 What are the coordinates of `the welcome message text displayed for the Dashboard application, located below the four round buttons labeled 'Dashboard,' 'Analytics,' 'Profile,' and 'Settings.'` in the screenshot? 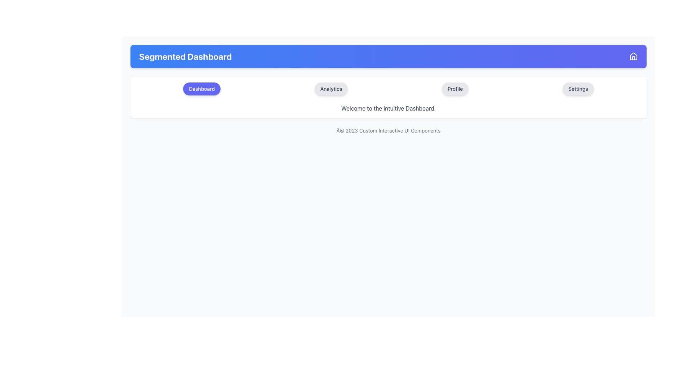 It's located at (388, 108).